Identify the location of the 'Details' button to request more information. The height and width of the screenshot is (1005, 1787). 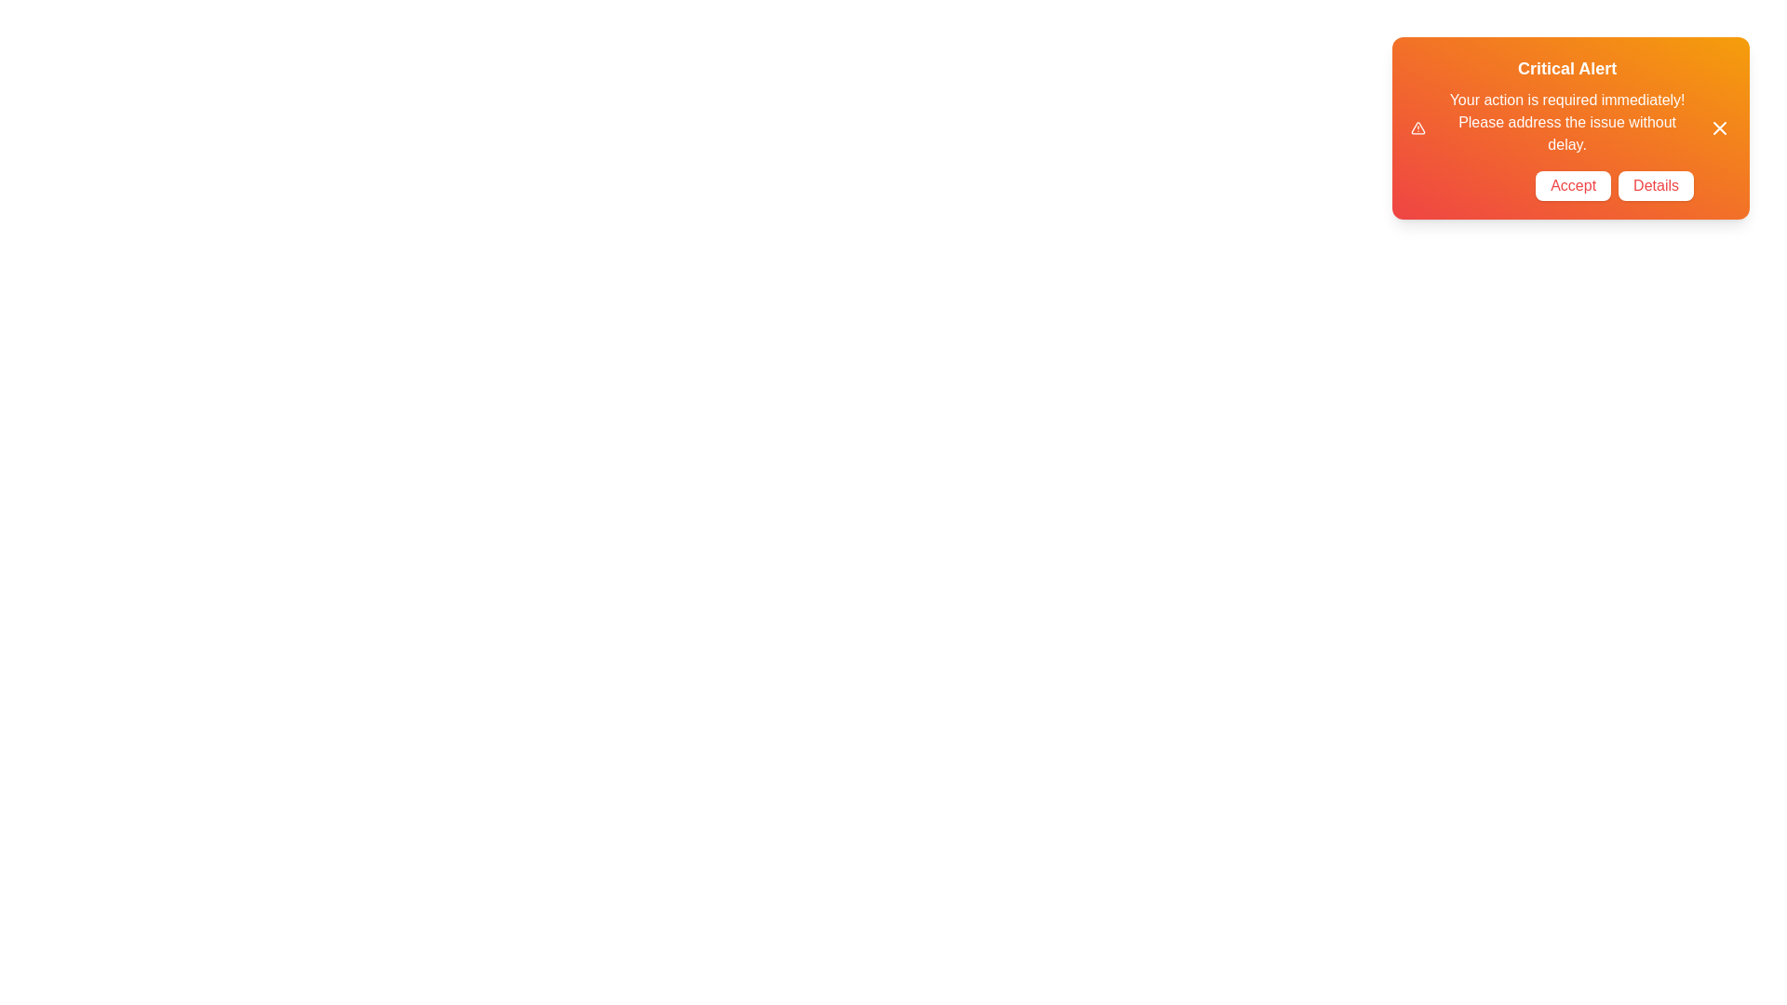
(1656, 186).